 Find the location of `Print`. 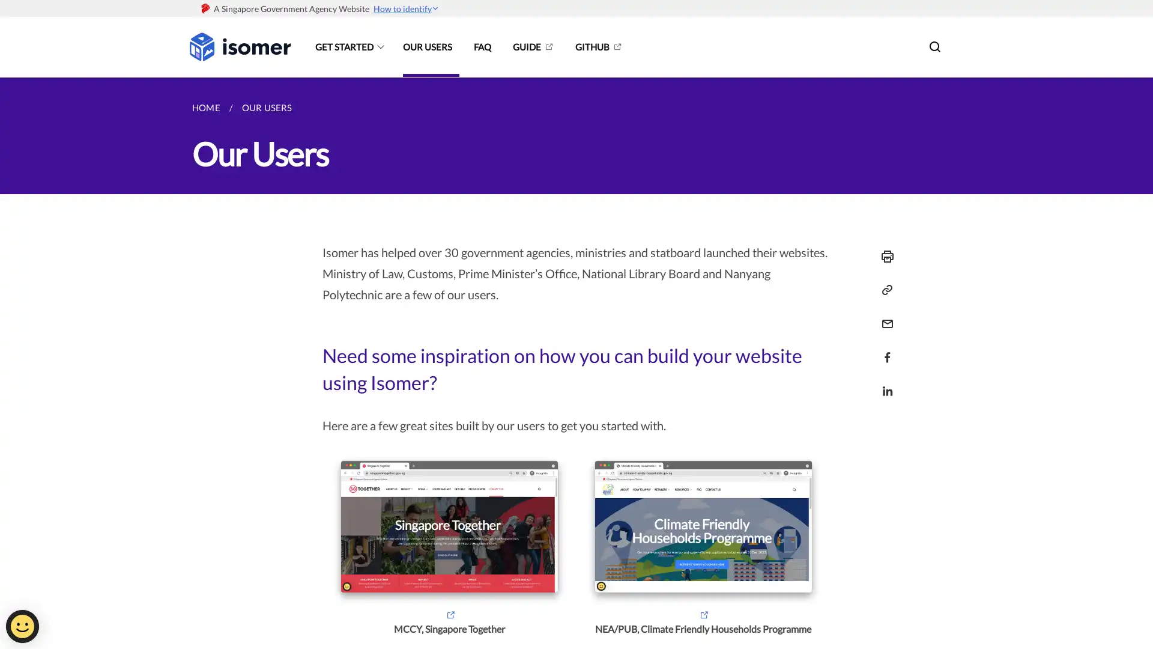

Print is located at coordinates (884, 256).